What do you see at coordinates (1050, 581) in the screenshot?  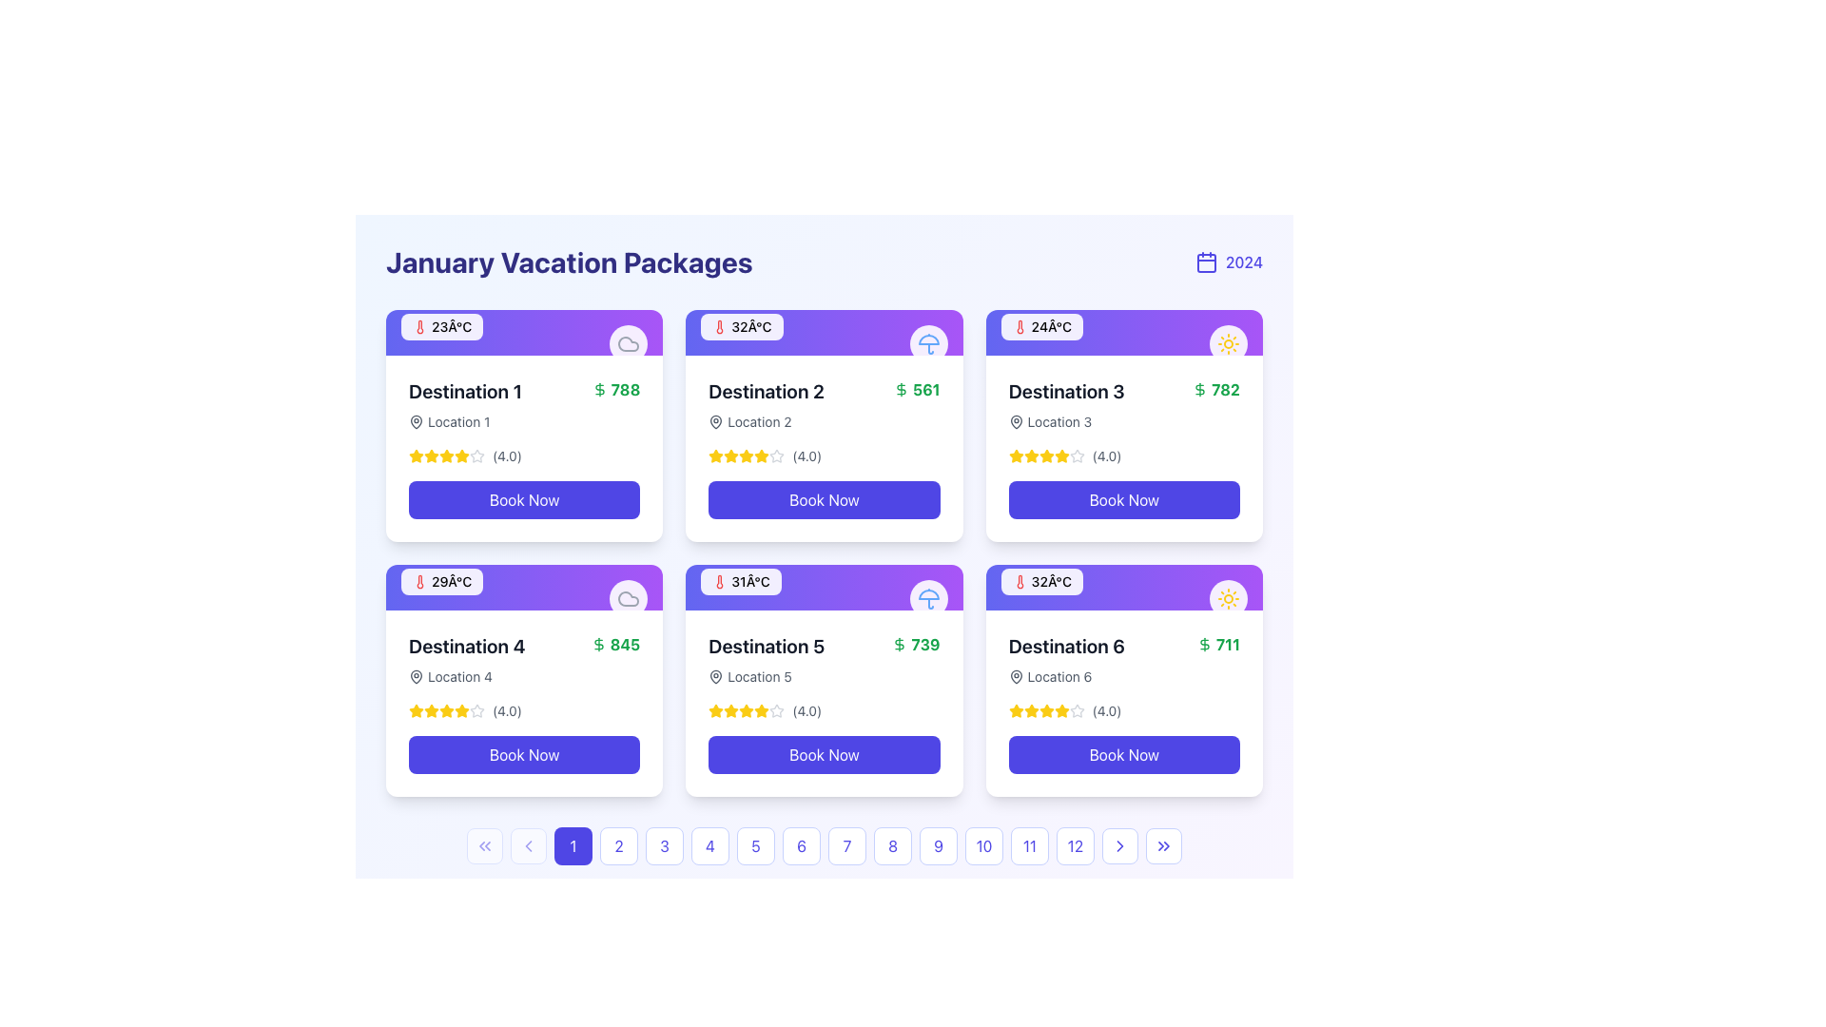 I see `the static text element displaying the current temperature, located in the sixth card of a grid layout, positioned at the top-left corner adjacent to a thermometer icon` at bounding box center [1050, 581].